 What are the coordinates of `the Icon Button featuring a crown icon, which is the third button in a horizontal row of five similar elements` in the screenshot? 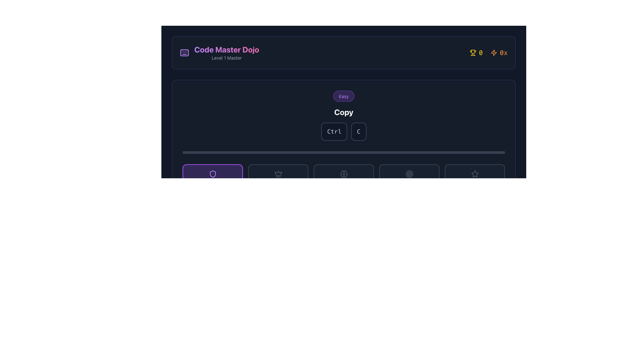 It's located at (278, 173).